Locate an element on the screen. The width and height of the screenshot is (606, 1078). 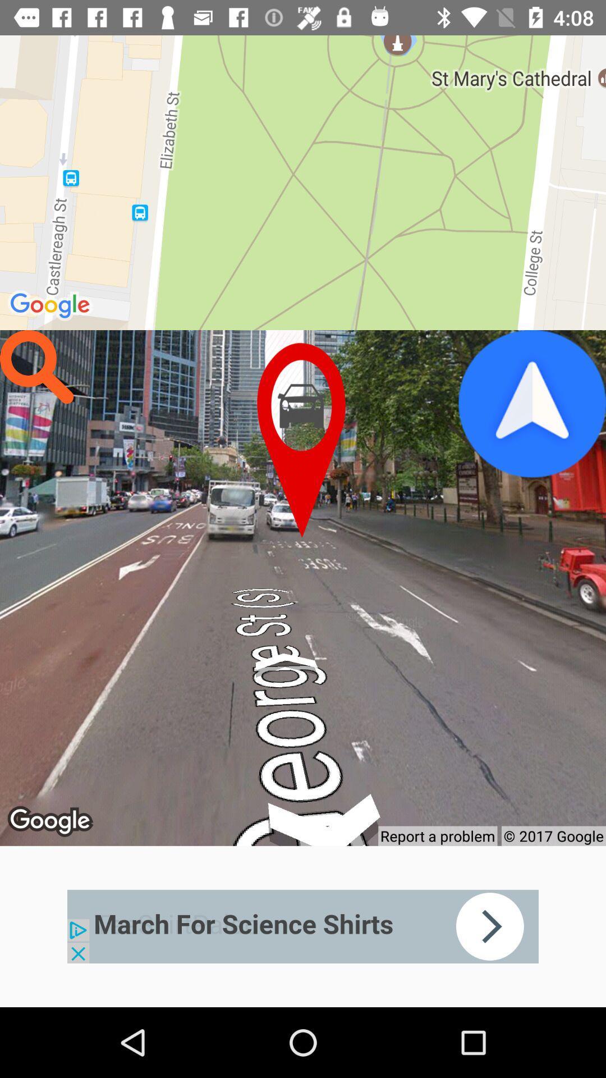
pointer is located at coordinates (303, 440).